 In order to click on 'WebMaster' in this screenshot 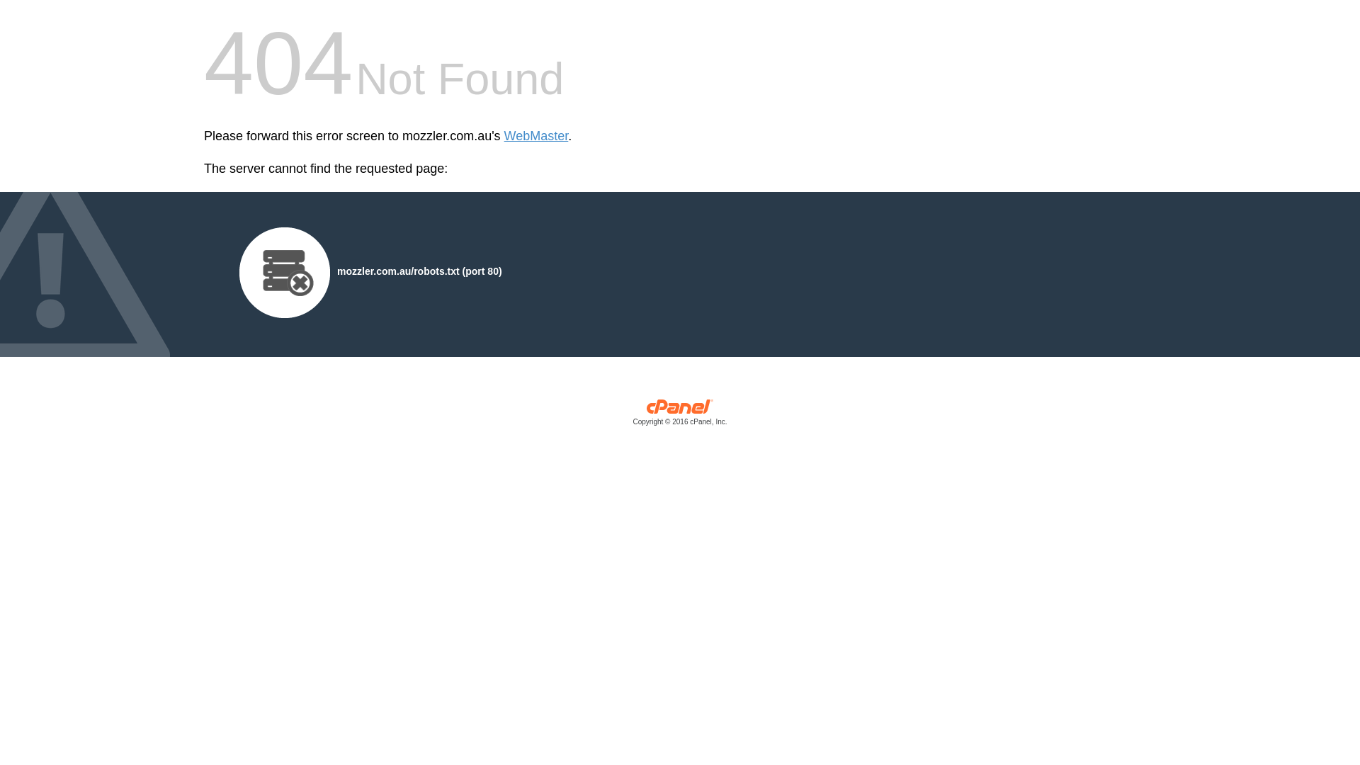, I will do `click(535, 136)`.